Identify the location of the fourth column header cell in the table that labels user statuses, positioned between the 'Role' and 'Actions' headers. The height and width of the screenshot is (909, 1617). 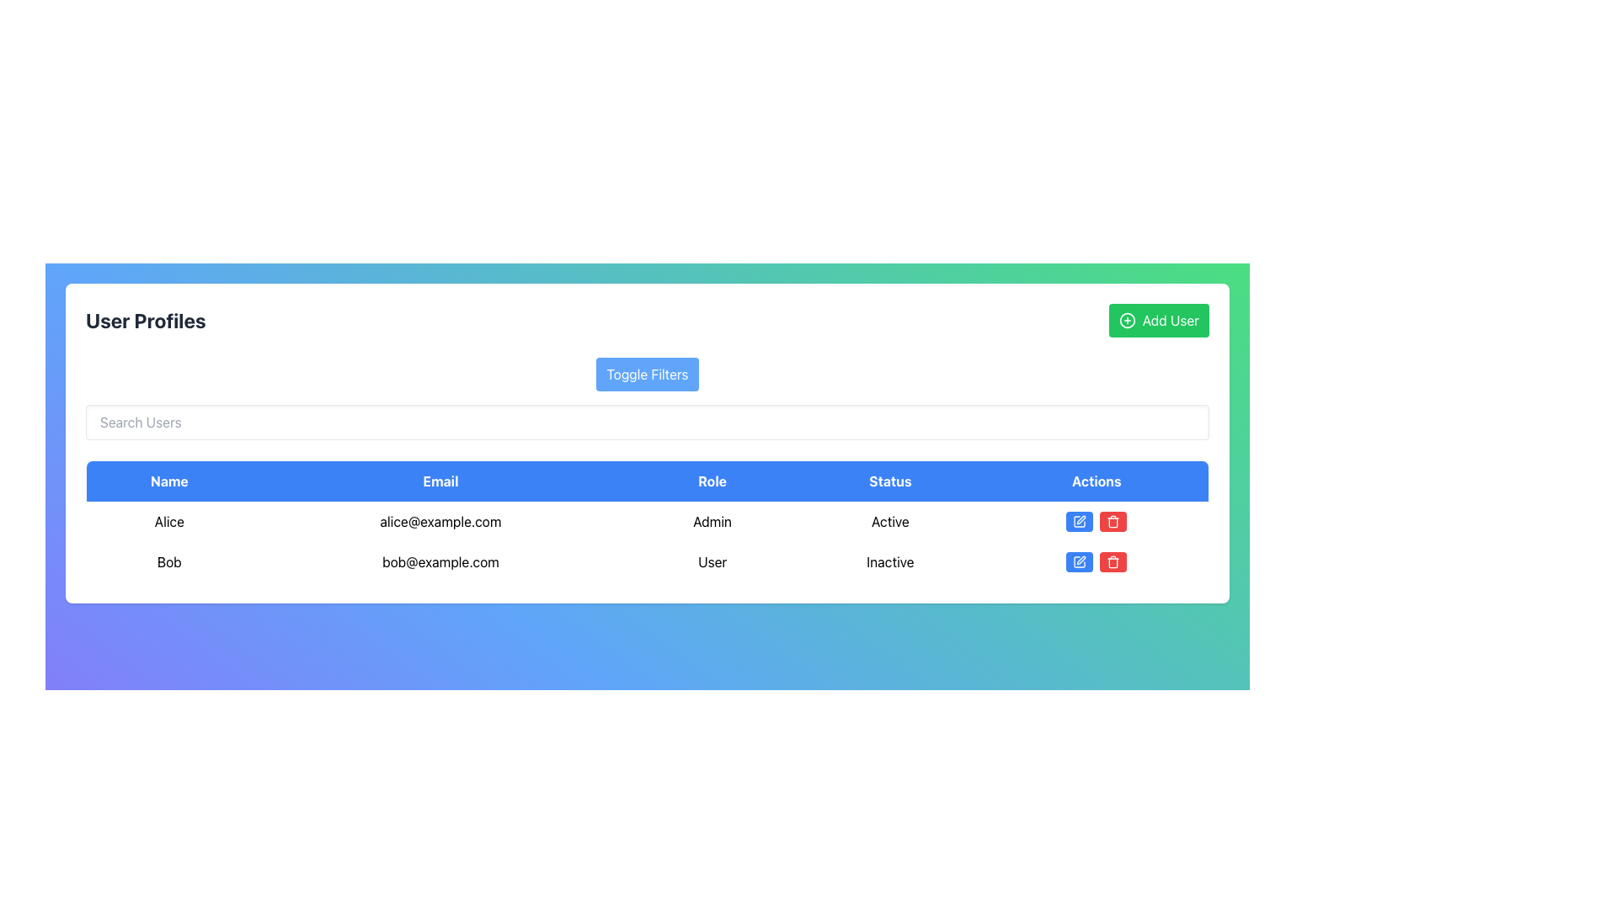
(889, 481).